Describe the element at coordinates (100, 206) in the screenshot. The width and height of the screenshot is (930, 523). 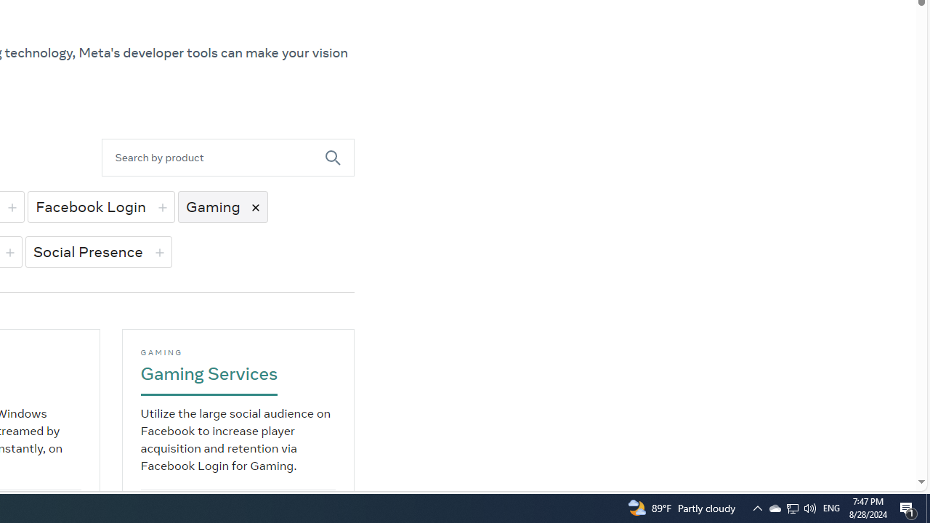
I see `'Facebook Login'` at that location.